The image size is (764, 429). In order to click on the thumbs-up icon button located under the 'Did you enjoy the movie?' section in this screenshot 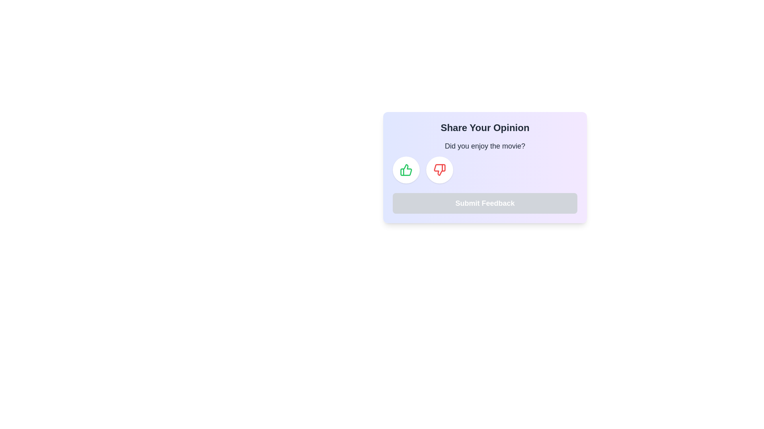, I will do `click(406, 170)`.